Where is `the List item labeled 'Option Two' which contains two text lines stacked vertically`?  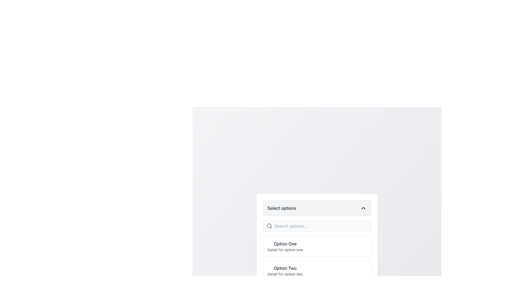
the List item labeled 'Option Two' which contains two text lines stacked vertically is located at coordinates (285, 271).